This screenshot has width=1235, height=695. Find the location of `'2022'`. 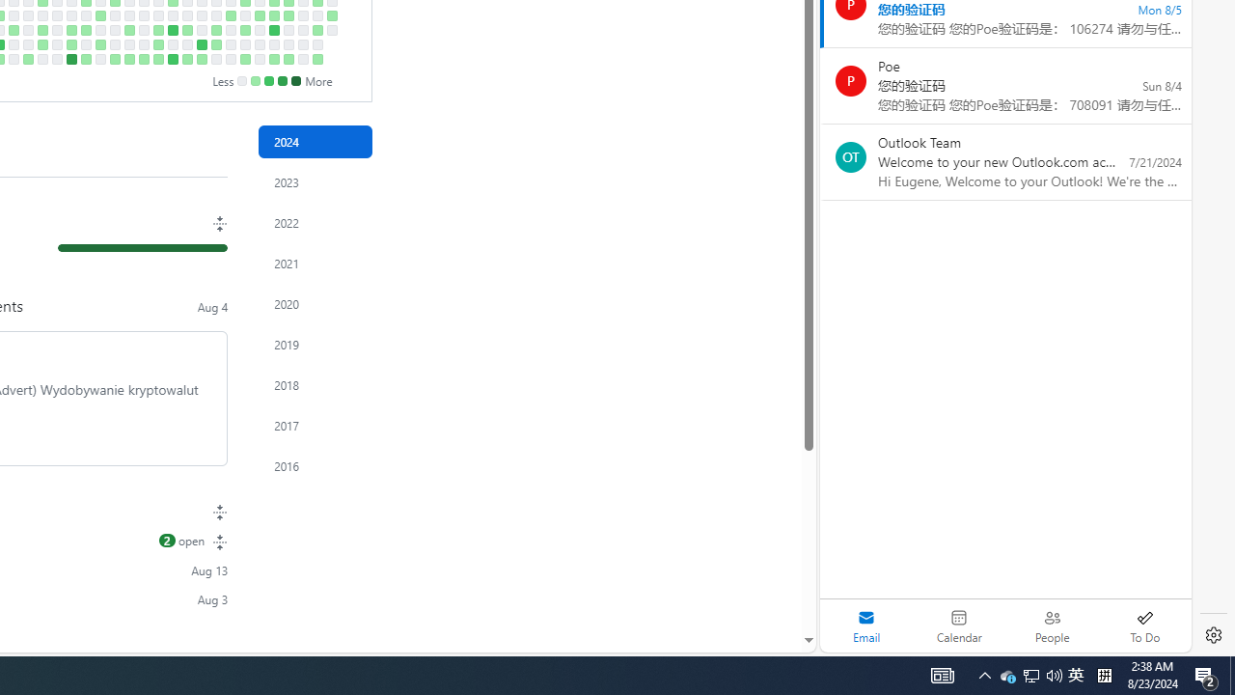

'2022' is located at coordinates (316, 221).